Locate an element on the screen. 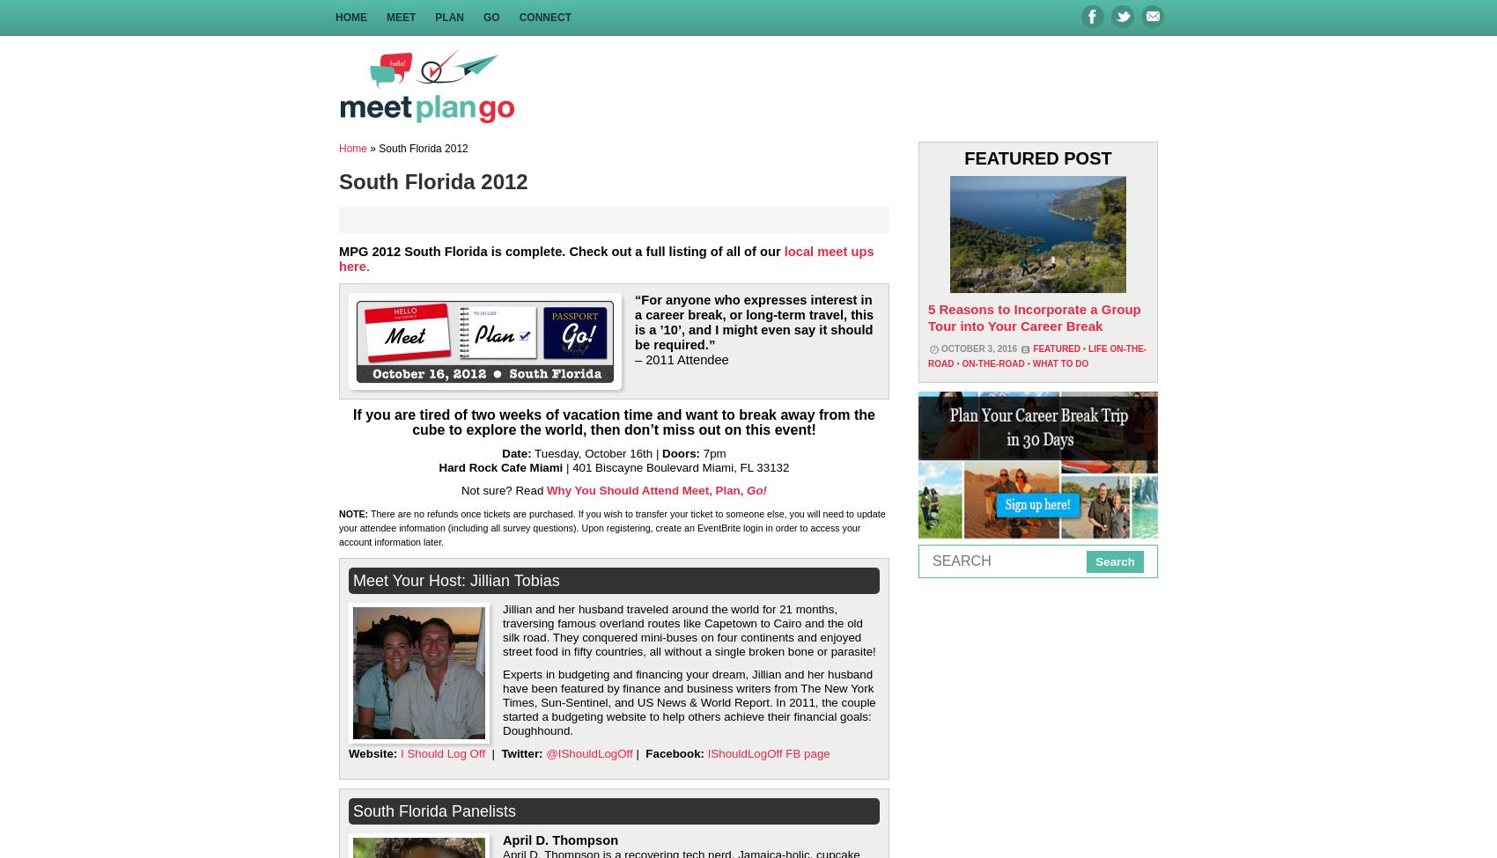 This screenshot has width=1497, height=858. 'Life On-the-Road' is located at coordinates (1036, 356).